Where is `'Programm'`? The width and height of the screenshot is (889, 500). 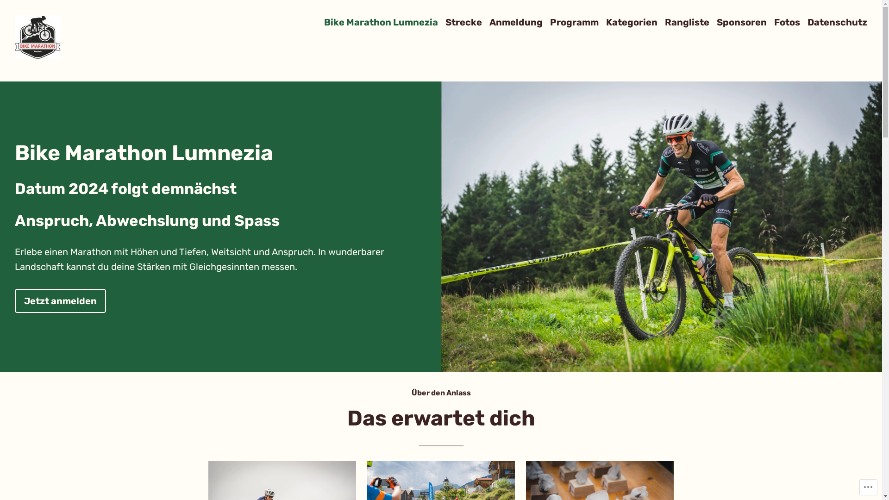
'Programm' is located at coordinates (574, 21).